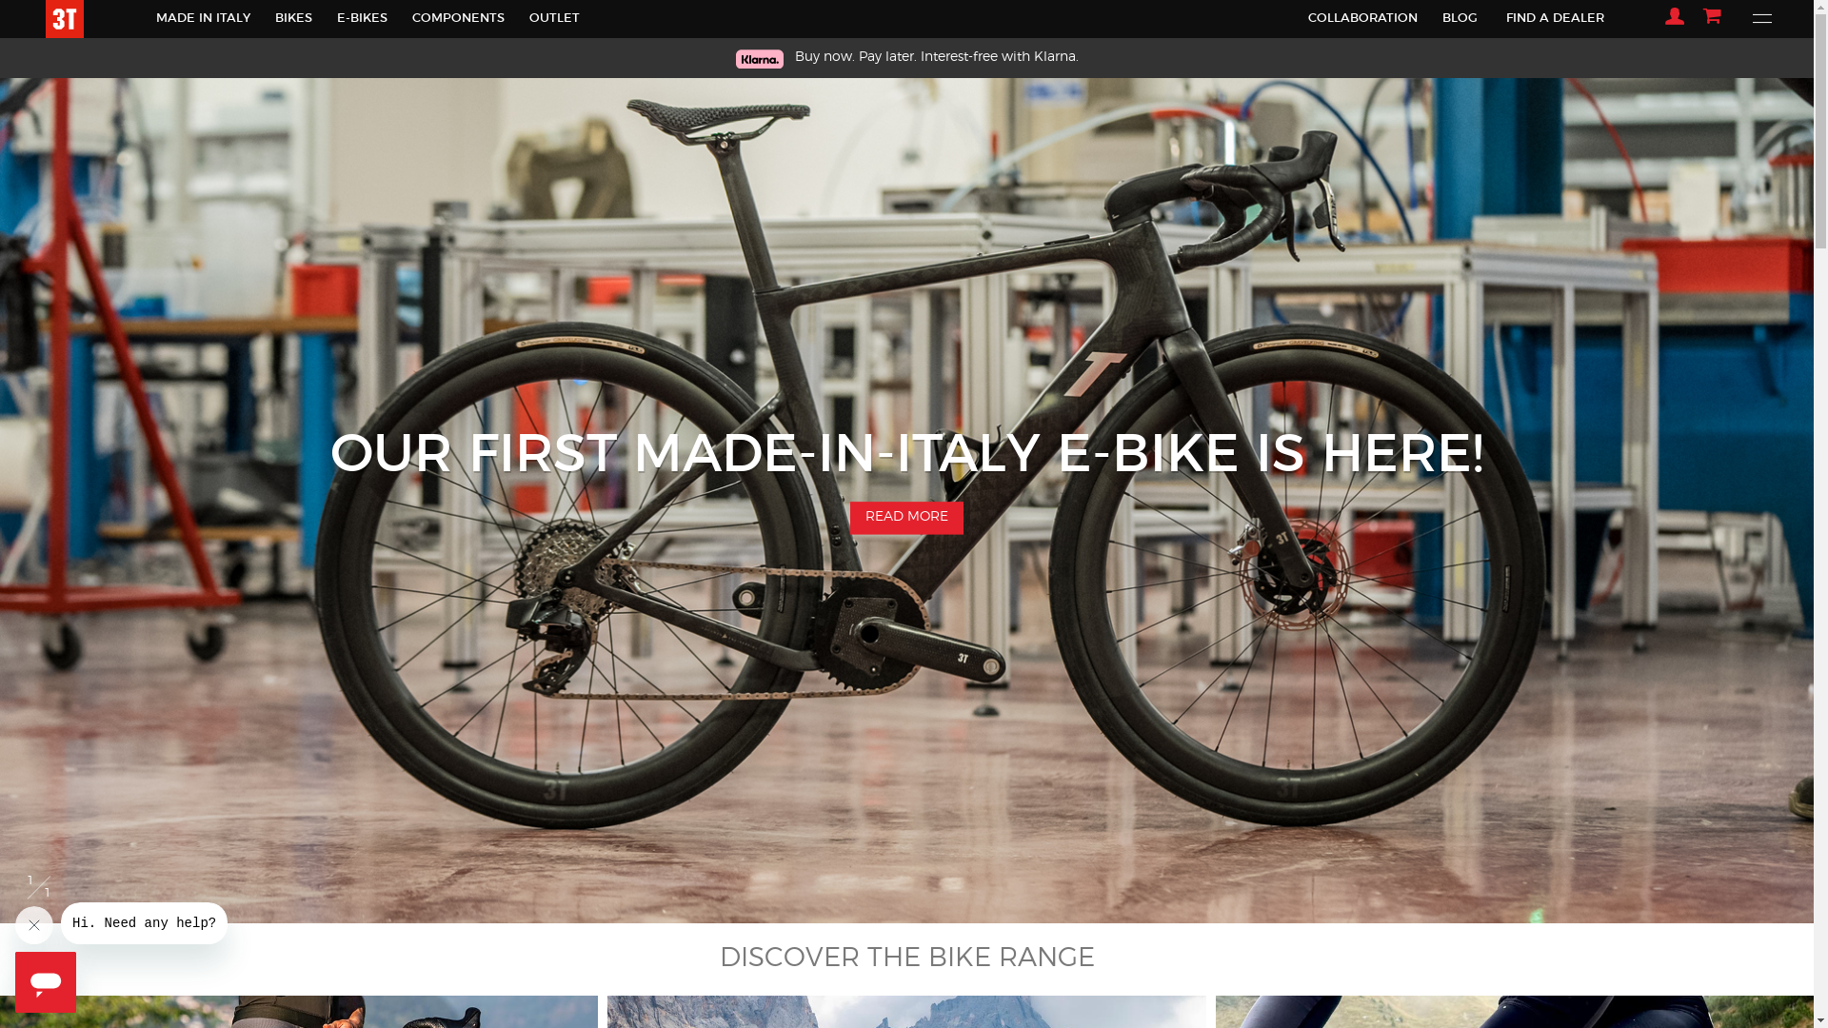 The width and height of the screenshot is (1828, 1028). What do you see at coordinates (143, 921) in the screenshot?
I see `'Message from company'` at bounding box center [143, 921].